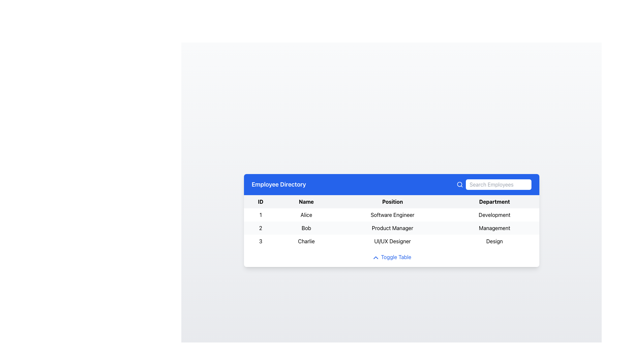 The image size is (633, 356). What do you see at coordinates (279, 185) in the screenshot?
I see `the text label displaying 'Employee Directory' which is styled in large bold white font on a blue background at the upper-left corner of the header bar` at bounding box center [279, 185].